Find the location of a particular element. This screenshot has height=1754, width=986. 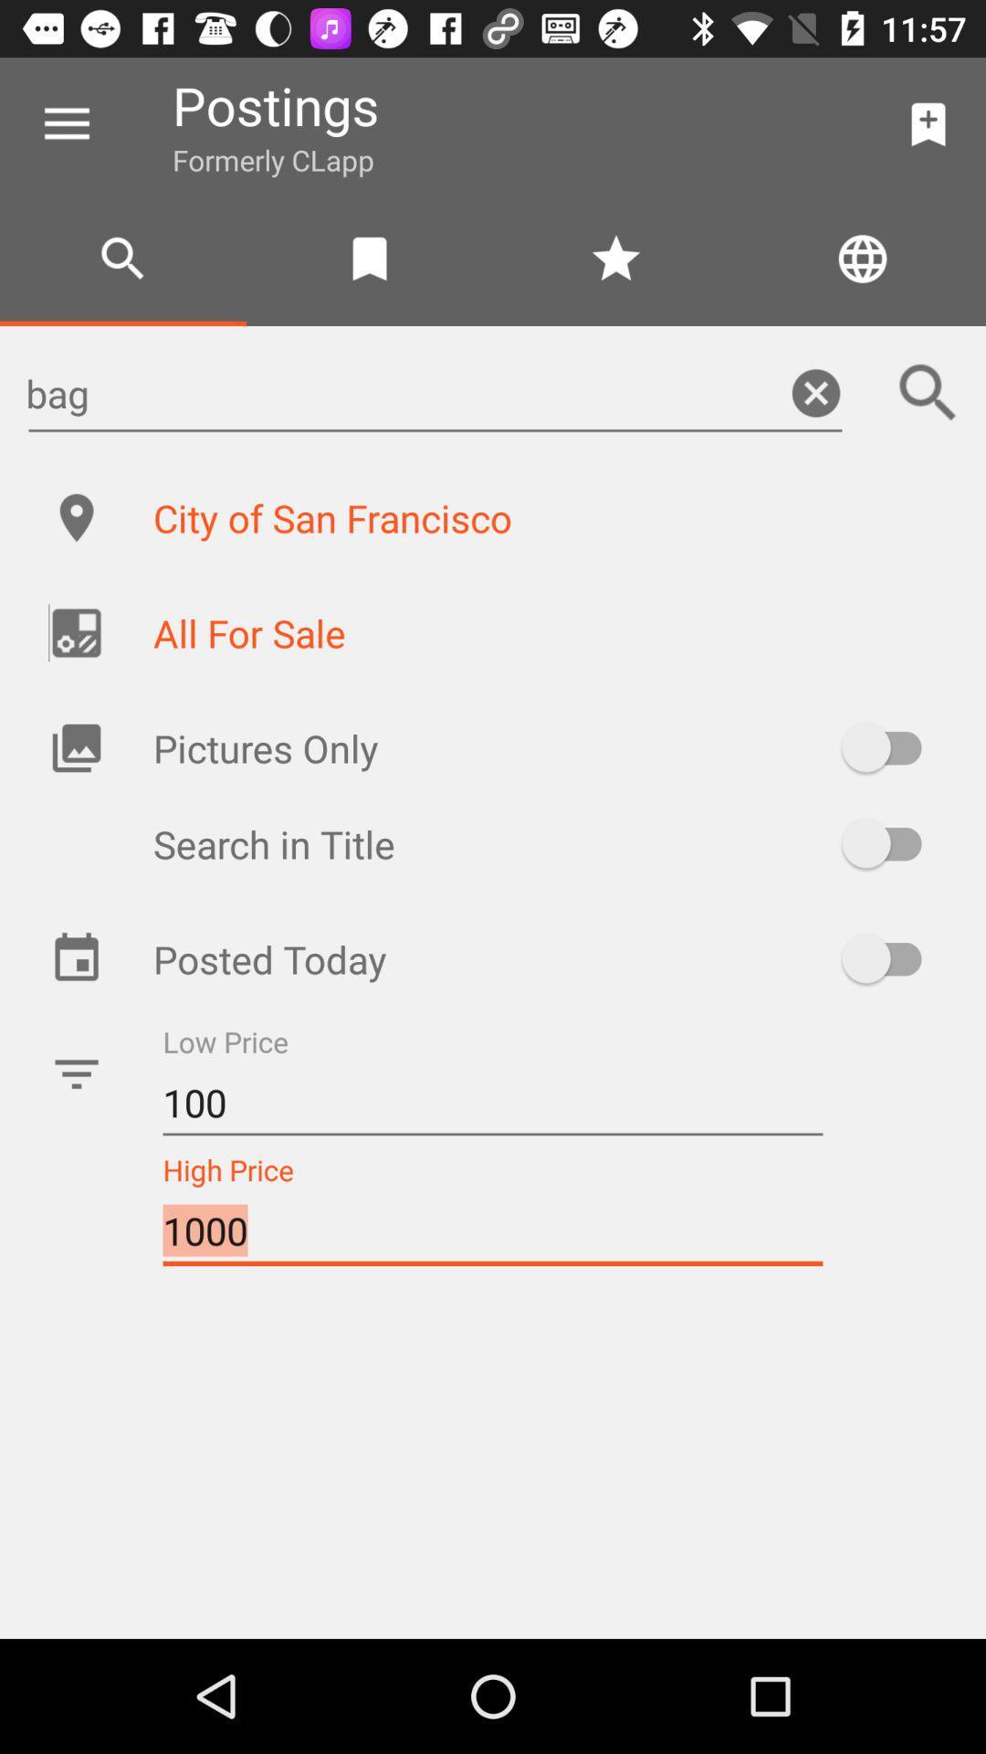

icon above the all for sale item is located at coordinates (549, 516).